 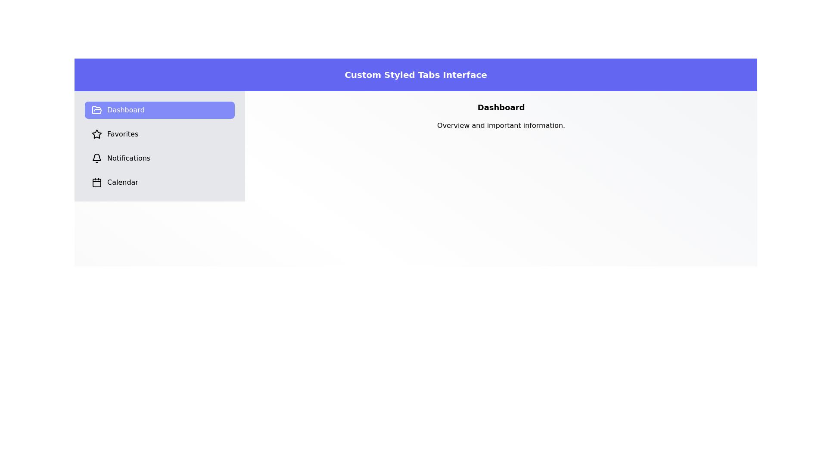 What do you see at coordinates (160, 158) in the screenshot?
I see `the Notifications tab to switch the content` at bounding box center [160, 158].